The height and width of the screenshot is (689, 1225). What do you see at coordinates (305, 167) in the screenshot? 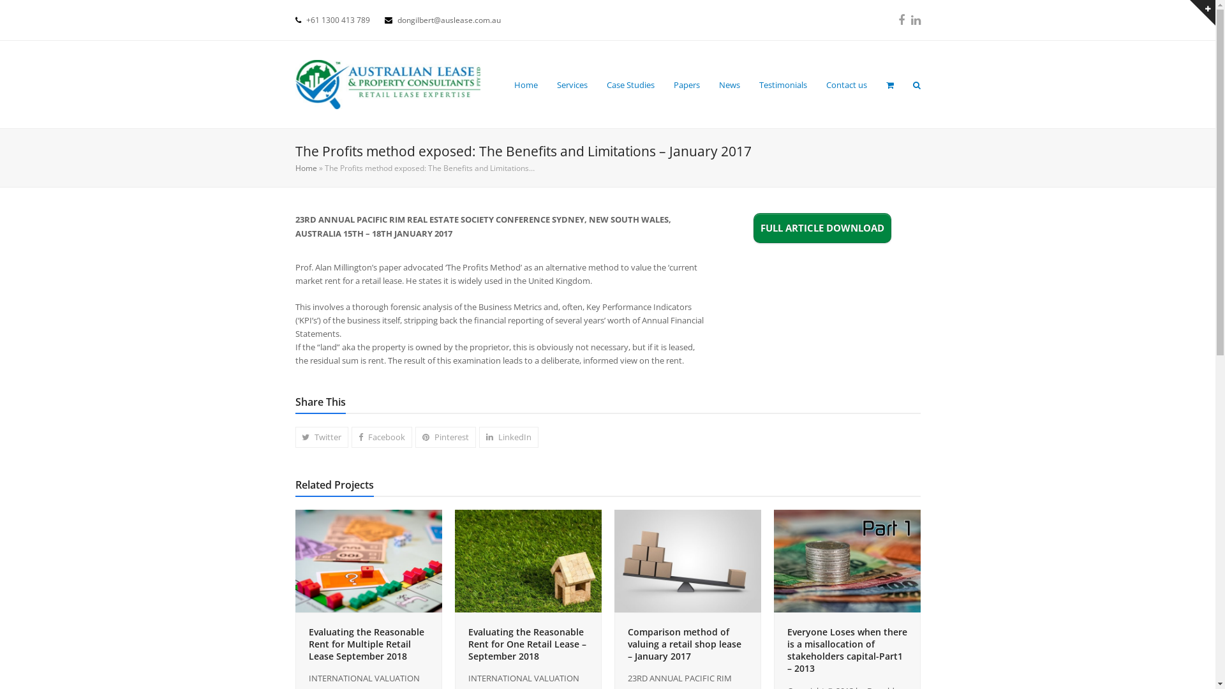
I see `'Home'` at bounding box center [305, 167].